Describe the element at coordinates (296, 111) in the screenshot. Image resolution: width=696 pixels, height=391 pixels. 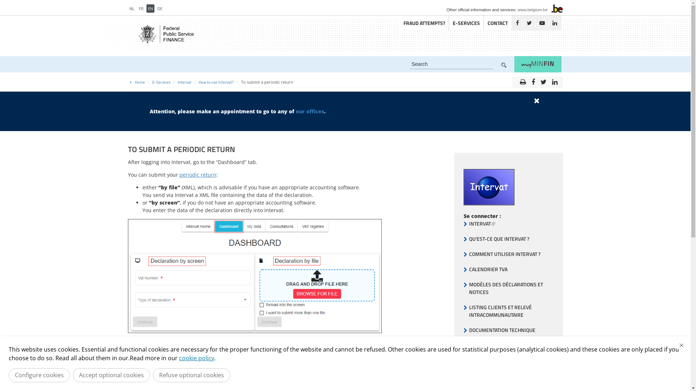
I see `'our offices'` at that location.